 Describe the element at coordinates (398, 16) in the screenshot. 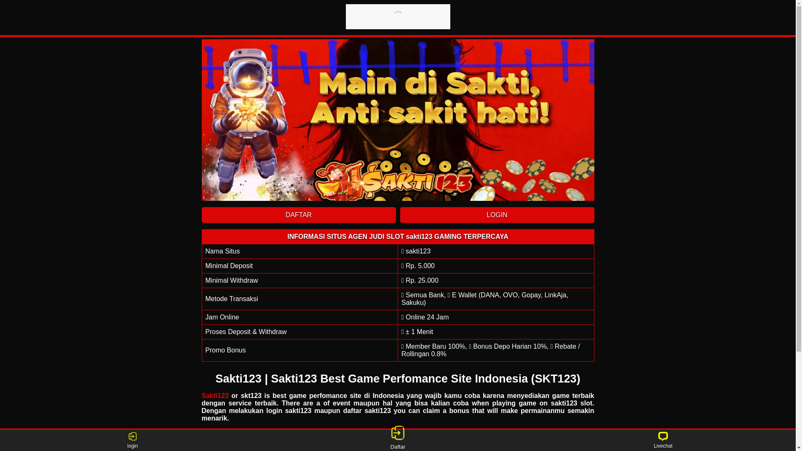

I see `'sakti123'` at that location.